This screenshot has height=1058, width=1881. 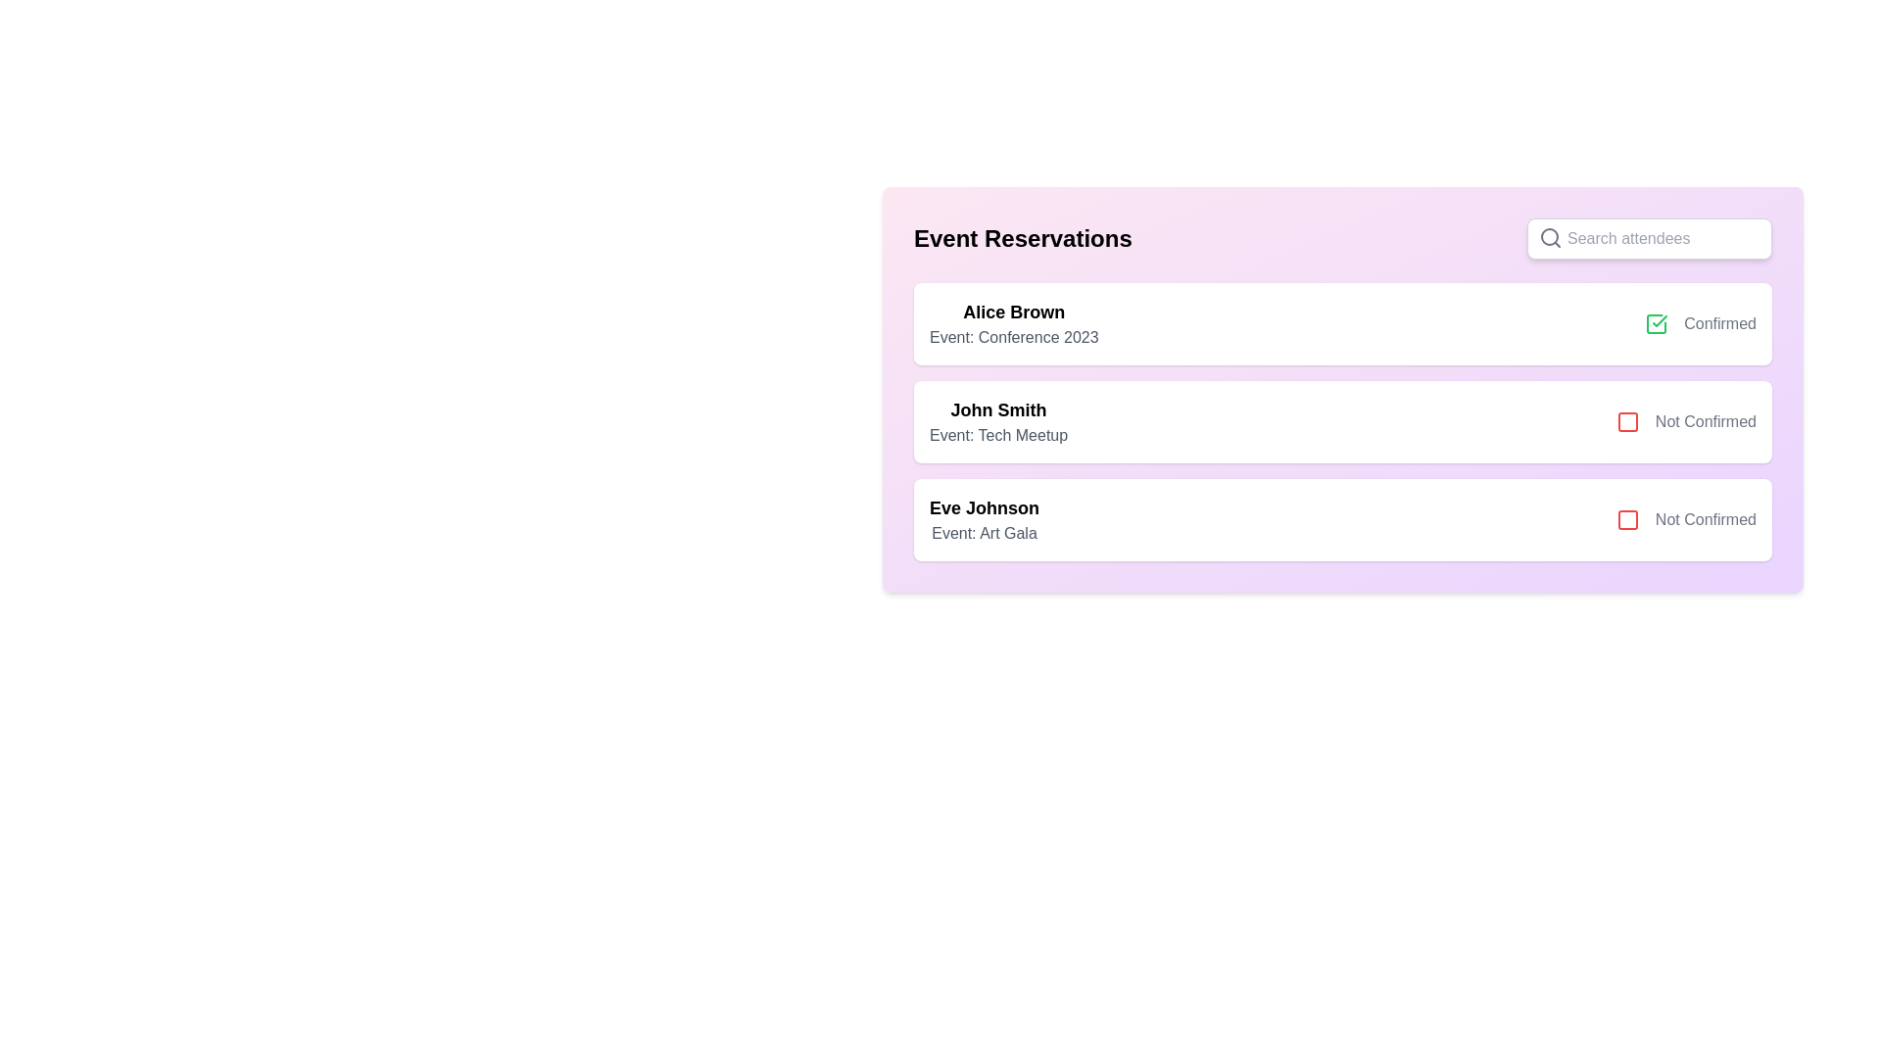 What do you see at coordinates (1342, 421) in the screenshot?
I see `the confirmation status of the attendee 'John Smith' in the informational card` at bounding box center [1342, 421].